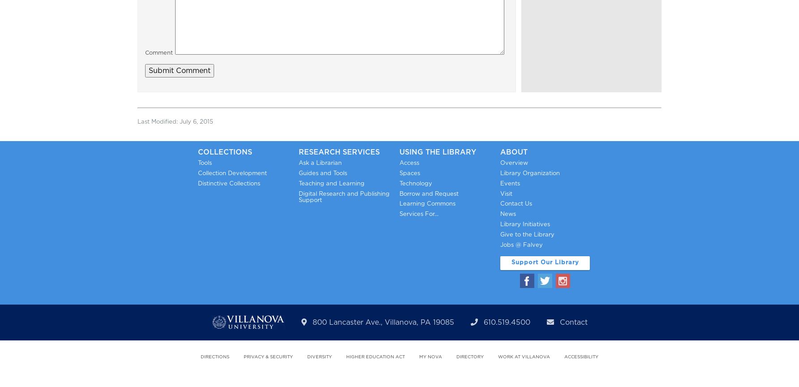  Describe the element at coordinates (581, 357) in the screenshot. I see `'Accessibility'` at that location.